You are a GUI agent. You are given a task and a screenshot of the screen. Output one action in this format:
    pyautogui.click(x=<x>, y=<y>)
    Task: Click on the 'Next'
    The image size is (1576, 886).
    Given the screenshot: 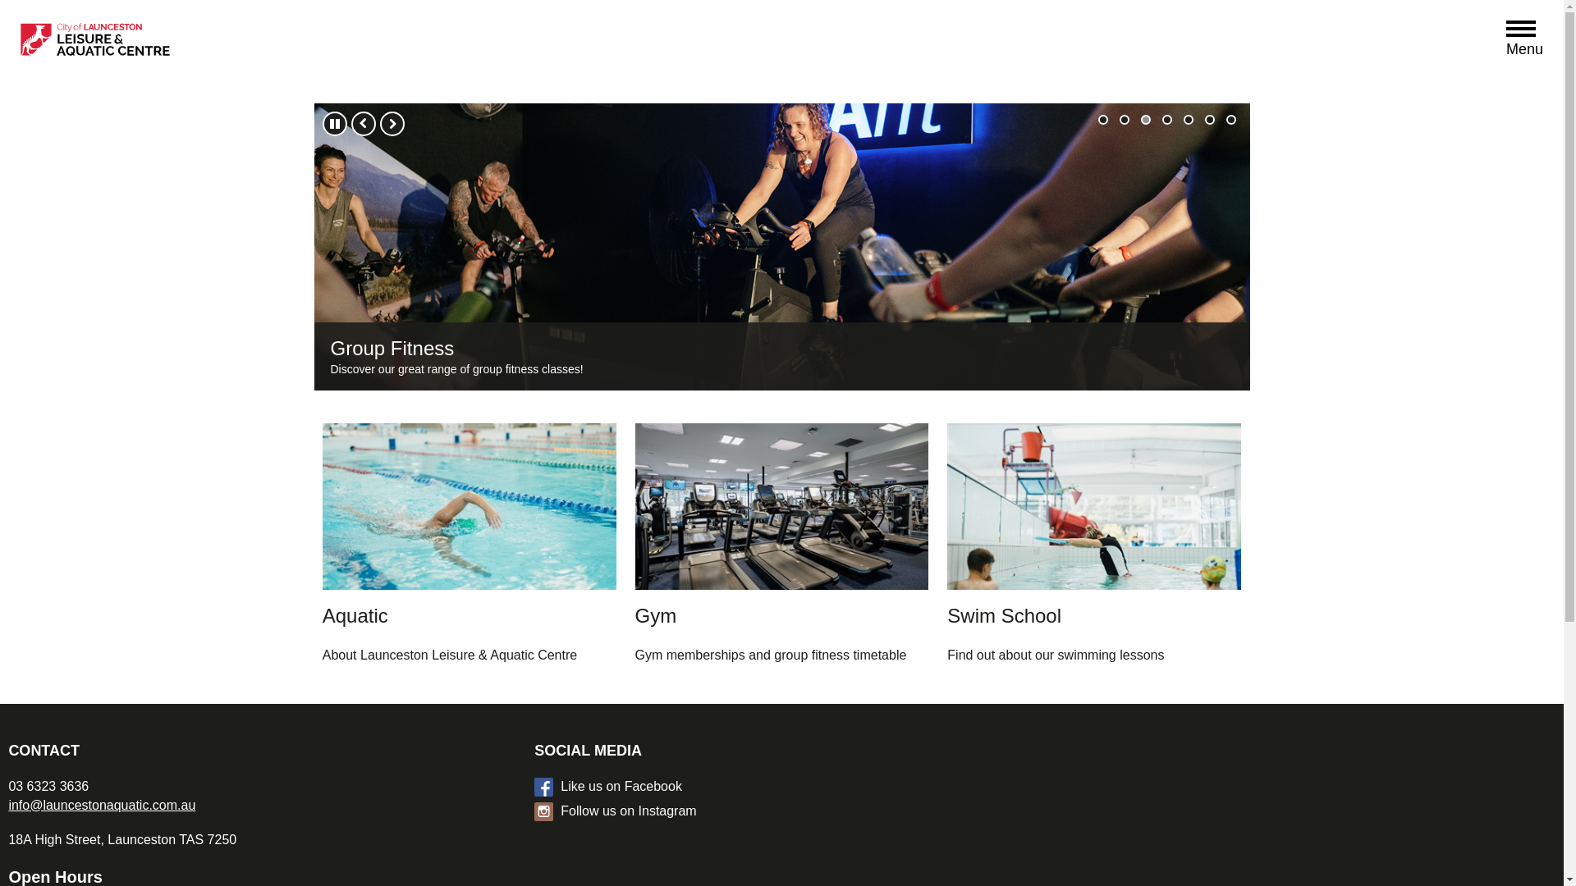 What is the action you would take?
    pyautogui.click(x=390, y=122)
    